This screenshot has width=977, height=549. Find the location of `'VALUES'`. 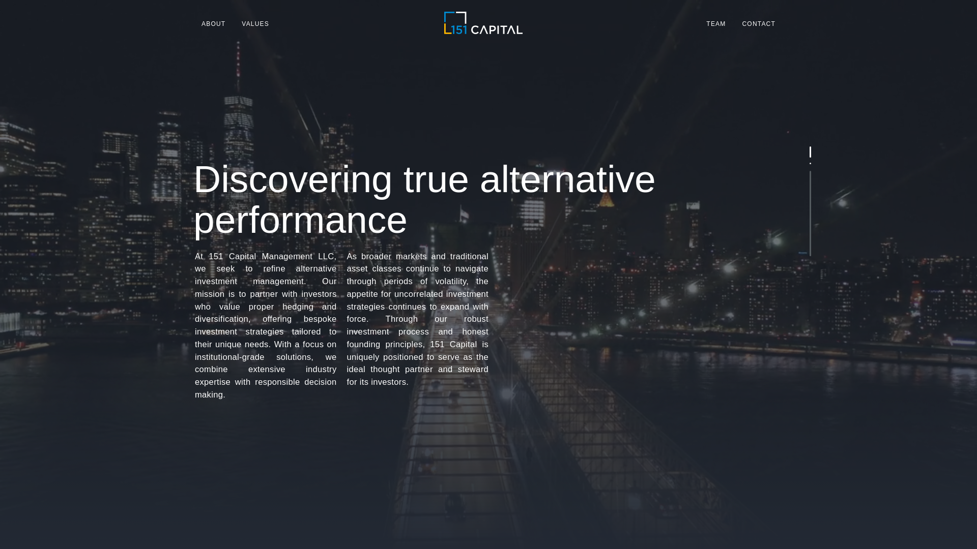

'VALUES' is located at coordinates (255, 23).